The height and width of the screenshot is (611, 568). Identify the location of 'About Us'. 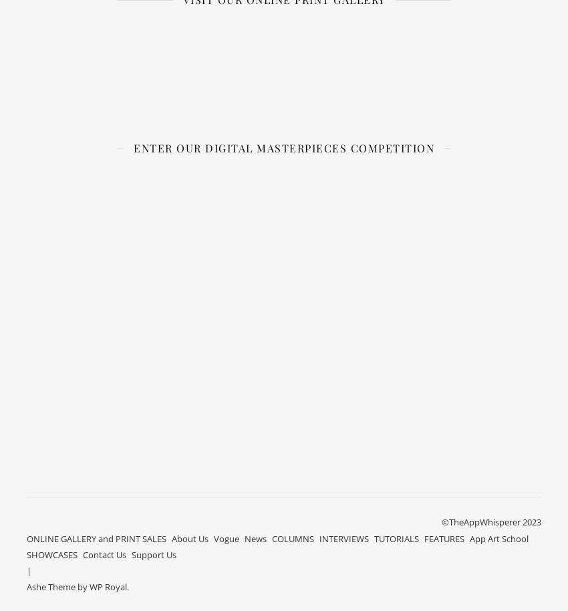
(189, 537).